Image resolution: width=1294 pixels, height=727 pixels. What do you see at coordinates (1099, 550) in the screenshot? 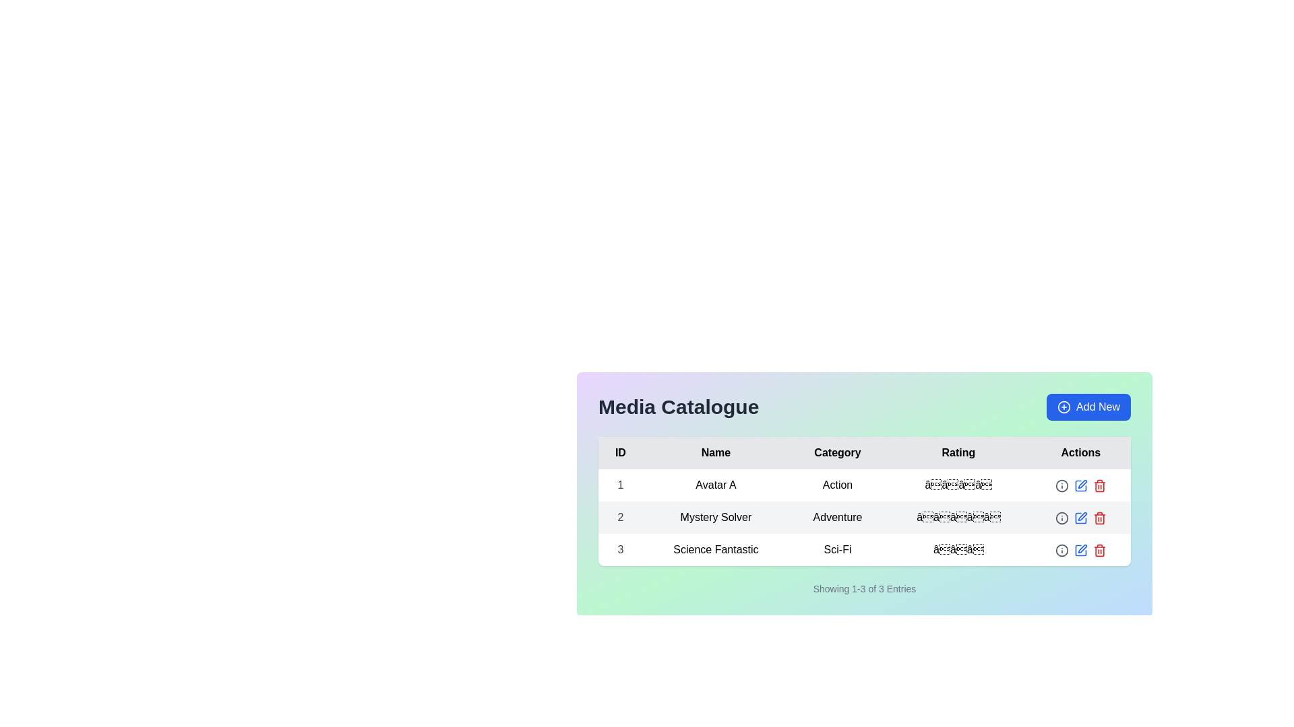
I see `the red trash can icon in the 'Actions' column for the 'Science Fantastic' entry` at bounding box center [1099, 550].